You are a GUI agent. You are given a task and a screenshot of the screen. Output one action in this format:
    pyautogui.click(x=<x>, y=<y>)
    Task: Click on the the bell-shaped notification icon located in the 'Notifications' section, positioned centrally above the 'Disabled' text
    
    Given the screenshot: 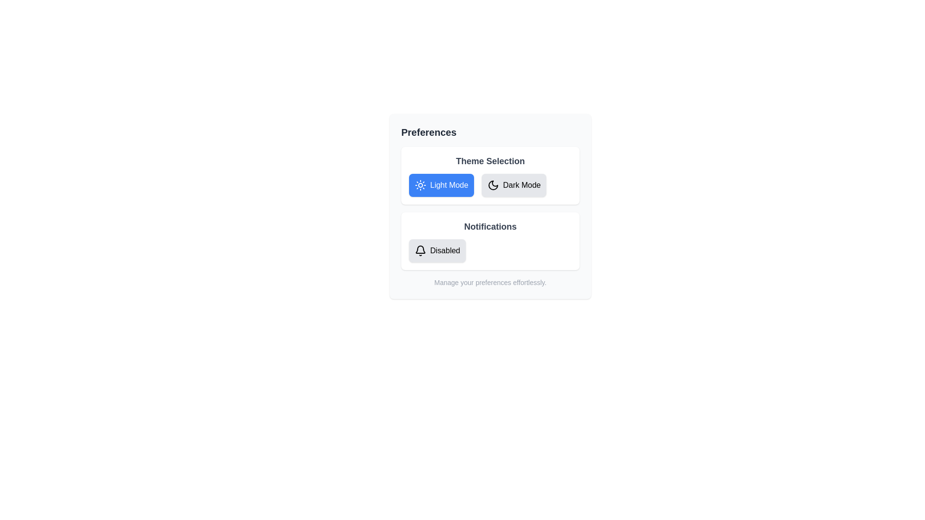 What is the action you would take?
    pyautogui.click(x=421, y=249)
    